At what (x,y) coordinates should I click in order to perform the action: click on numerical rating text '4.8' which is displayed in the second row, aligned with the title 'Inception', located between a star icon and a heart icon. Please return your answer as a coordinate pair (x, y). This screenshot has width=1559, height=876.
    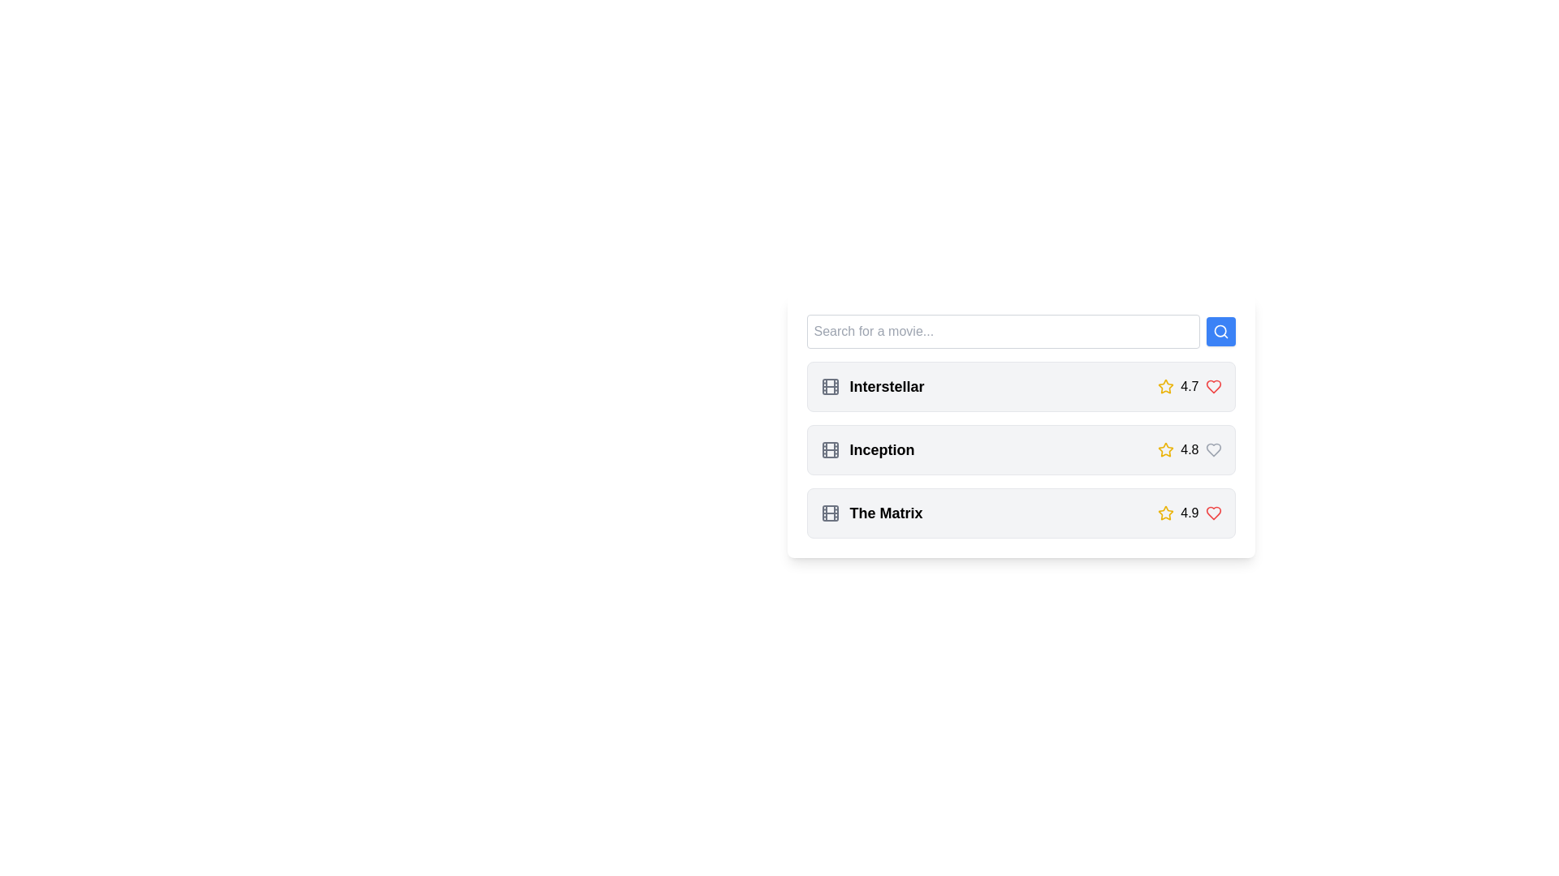
    Looking at the image, I should click on (1190, 450).